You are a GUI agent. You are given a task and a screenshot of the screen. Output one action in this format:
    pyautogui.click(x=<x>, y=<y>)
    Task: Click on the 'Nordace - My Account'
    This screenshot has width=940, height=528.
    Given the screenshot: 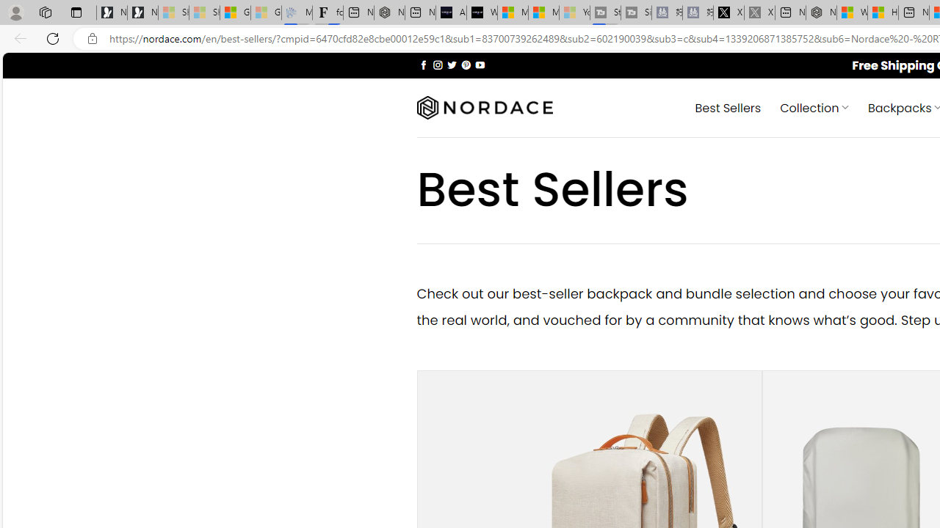 What is the action you would take?
    pyautogui.click(x=820, y=12)
    